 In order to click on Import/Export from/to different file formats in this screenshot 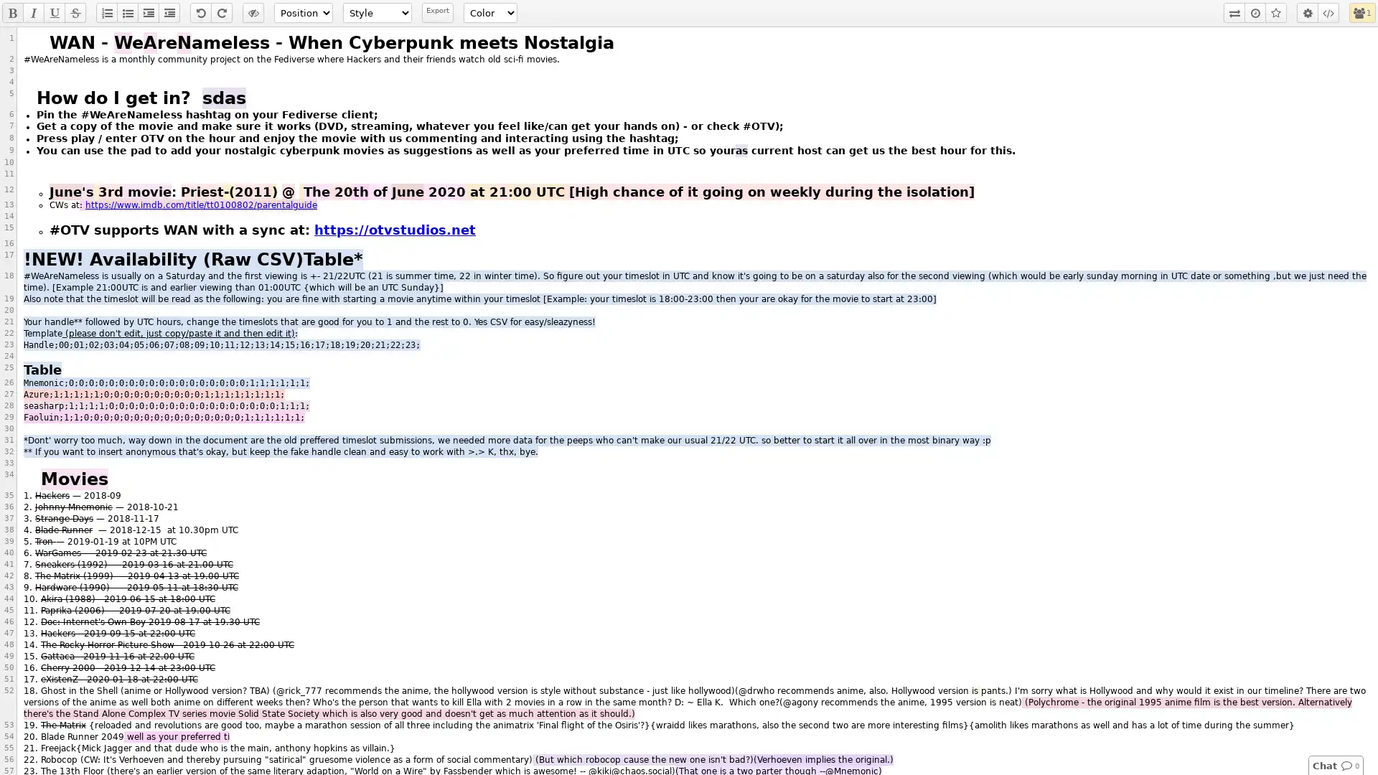, I will do `click(1233, 13)`.